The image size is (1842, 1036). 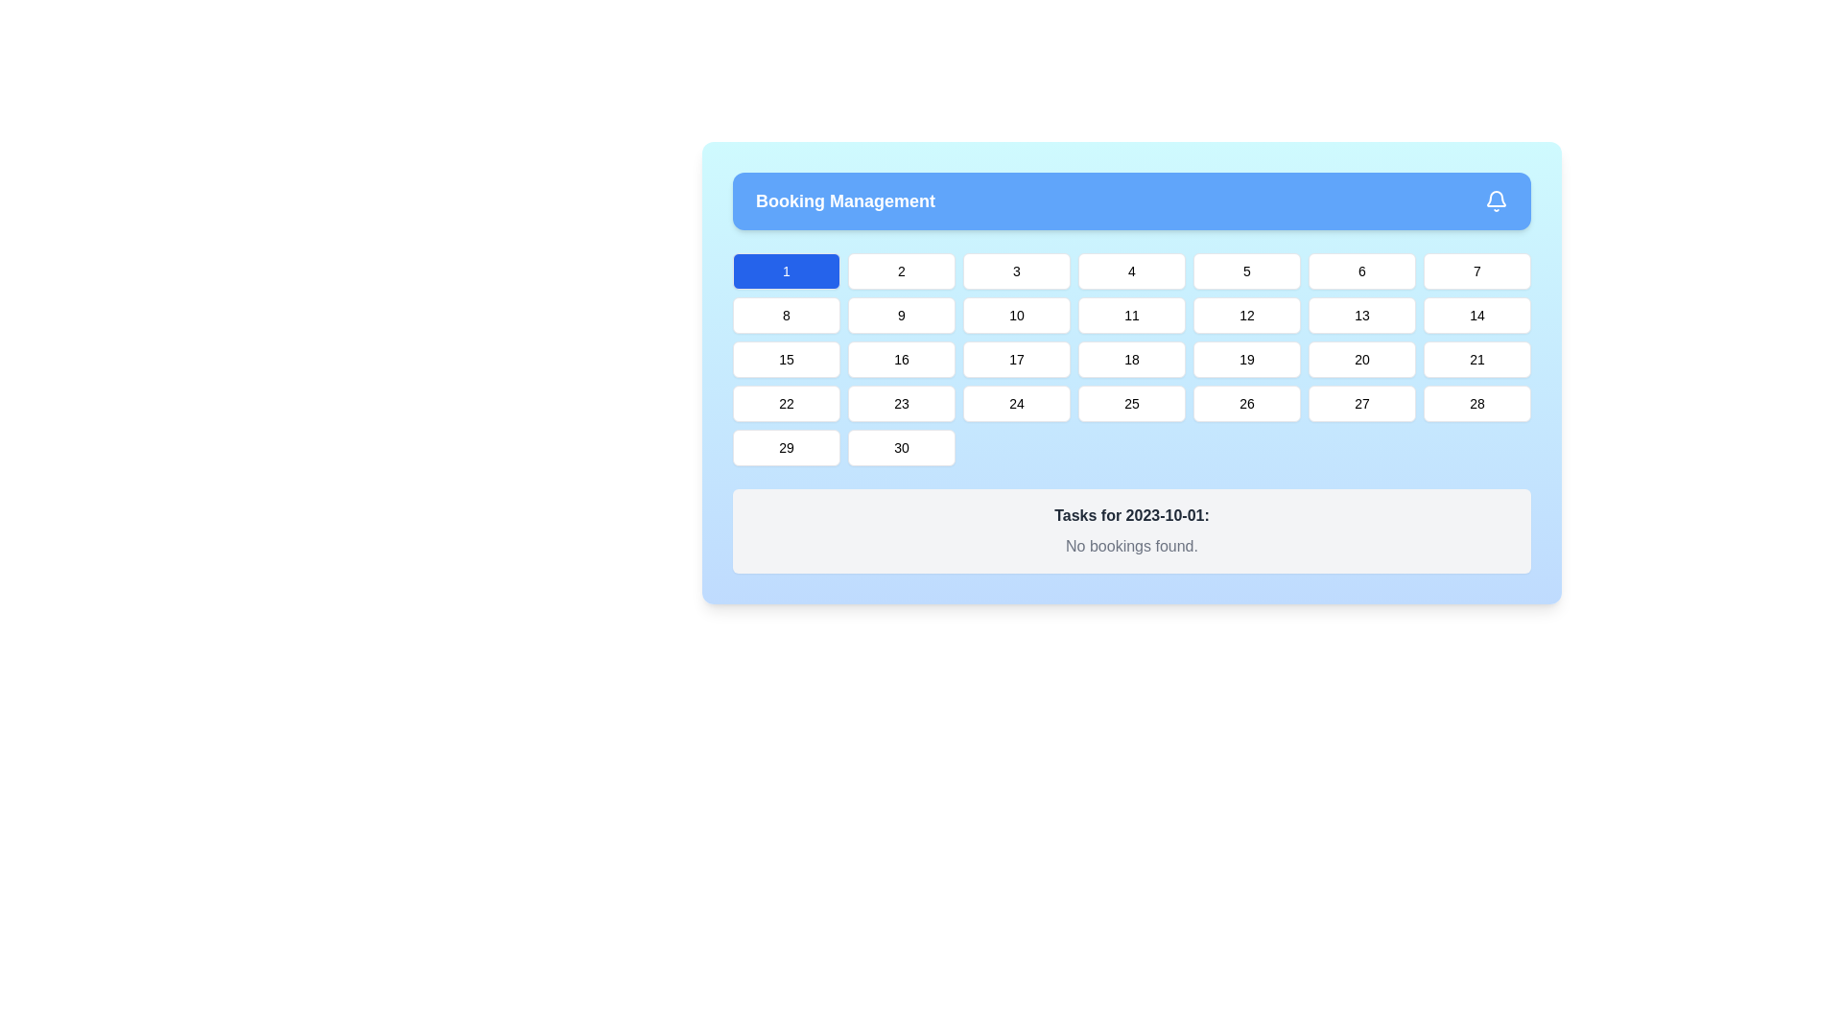 I want to click on the button labeled '30' with rounded corners and a white background, located in the last row and seventh column of a 7x5 grid layout, so click(x=901, y=447).